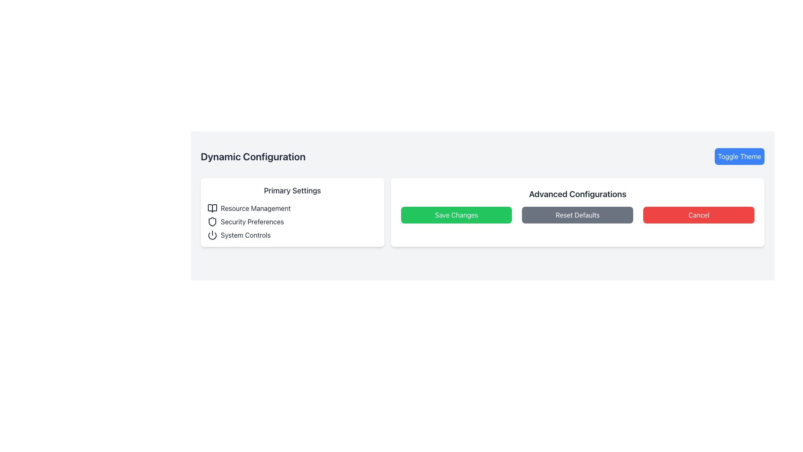 This screenshot has width=803, height=452. Describe the element at coordinates (456, 214) in the screenshot. I see `the leftmost button in the horizontal arrangement of three buttons in the 'Advanced Configurations' section to observe a color change` at that location.